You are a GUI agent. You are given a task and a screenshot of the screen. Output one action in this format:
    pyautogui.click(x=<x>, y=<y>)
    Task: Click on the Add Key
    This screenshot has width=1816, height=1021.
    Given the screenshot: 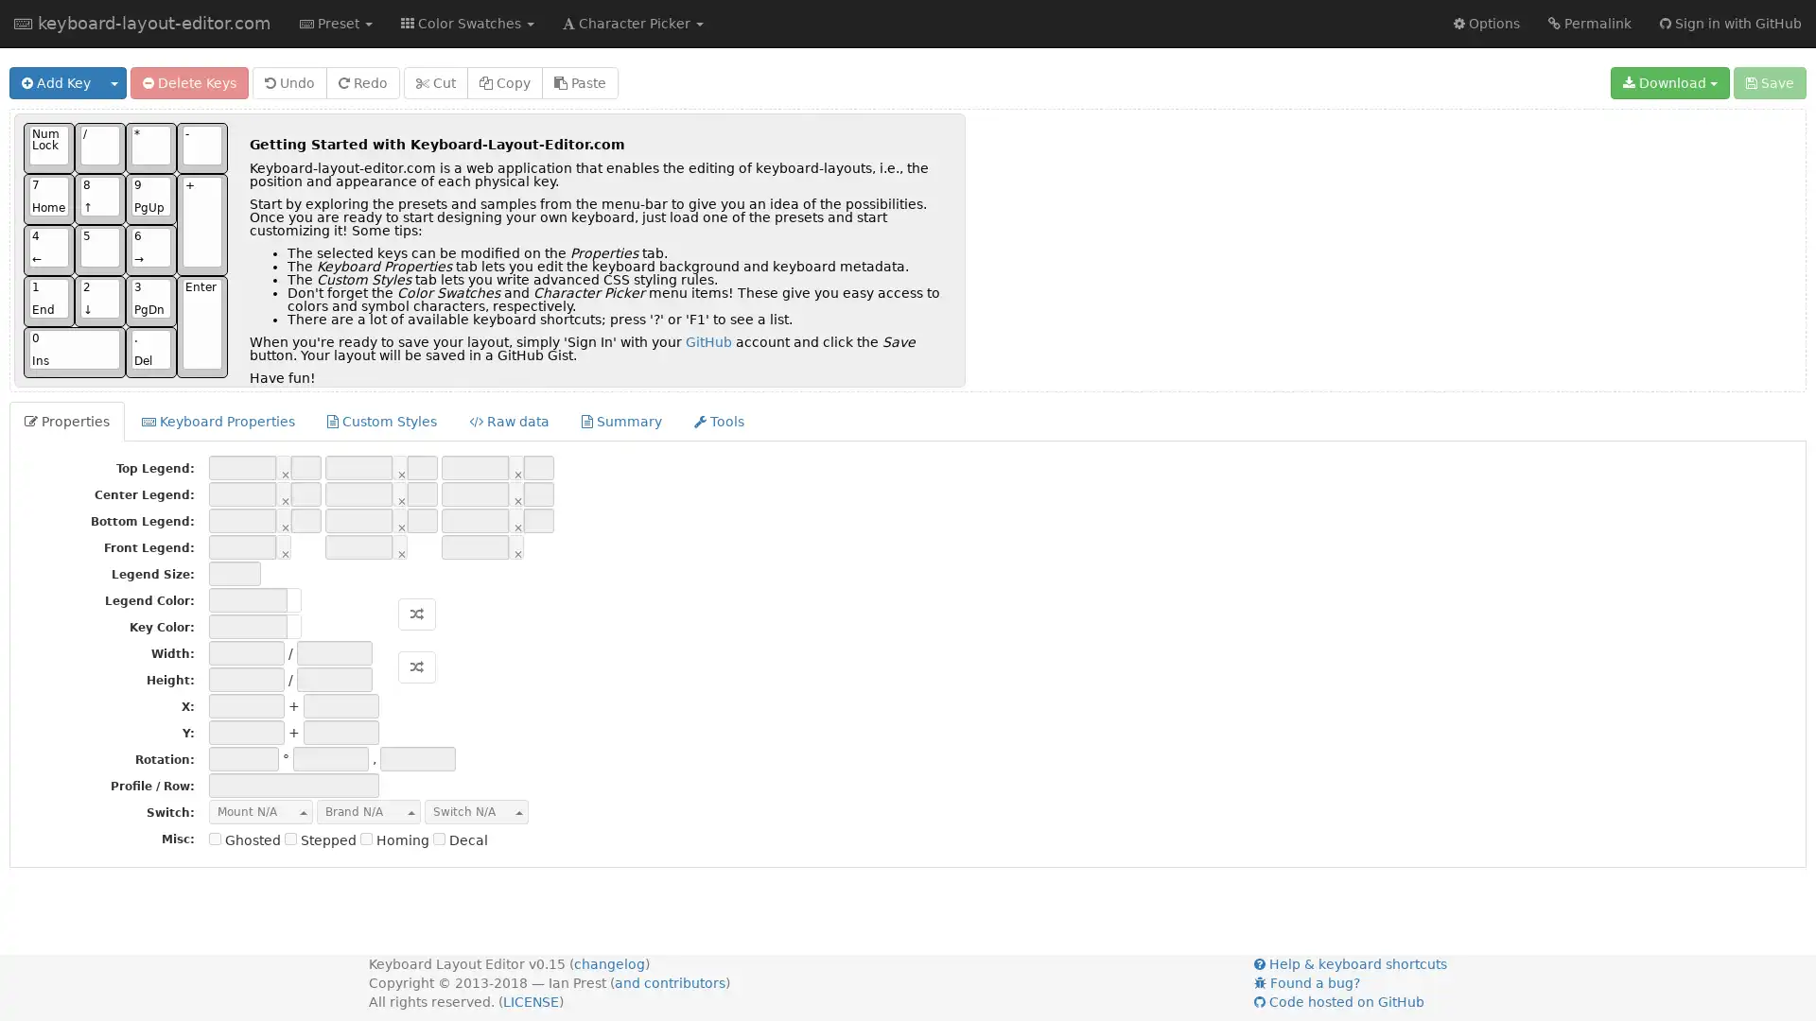 What is the action you would take?
    pyautogui.click(x=56, y=82)
    